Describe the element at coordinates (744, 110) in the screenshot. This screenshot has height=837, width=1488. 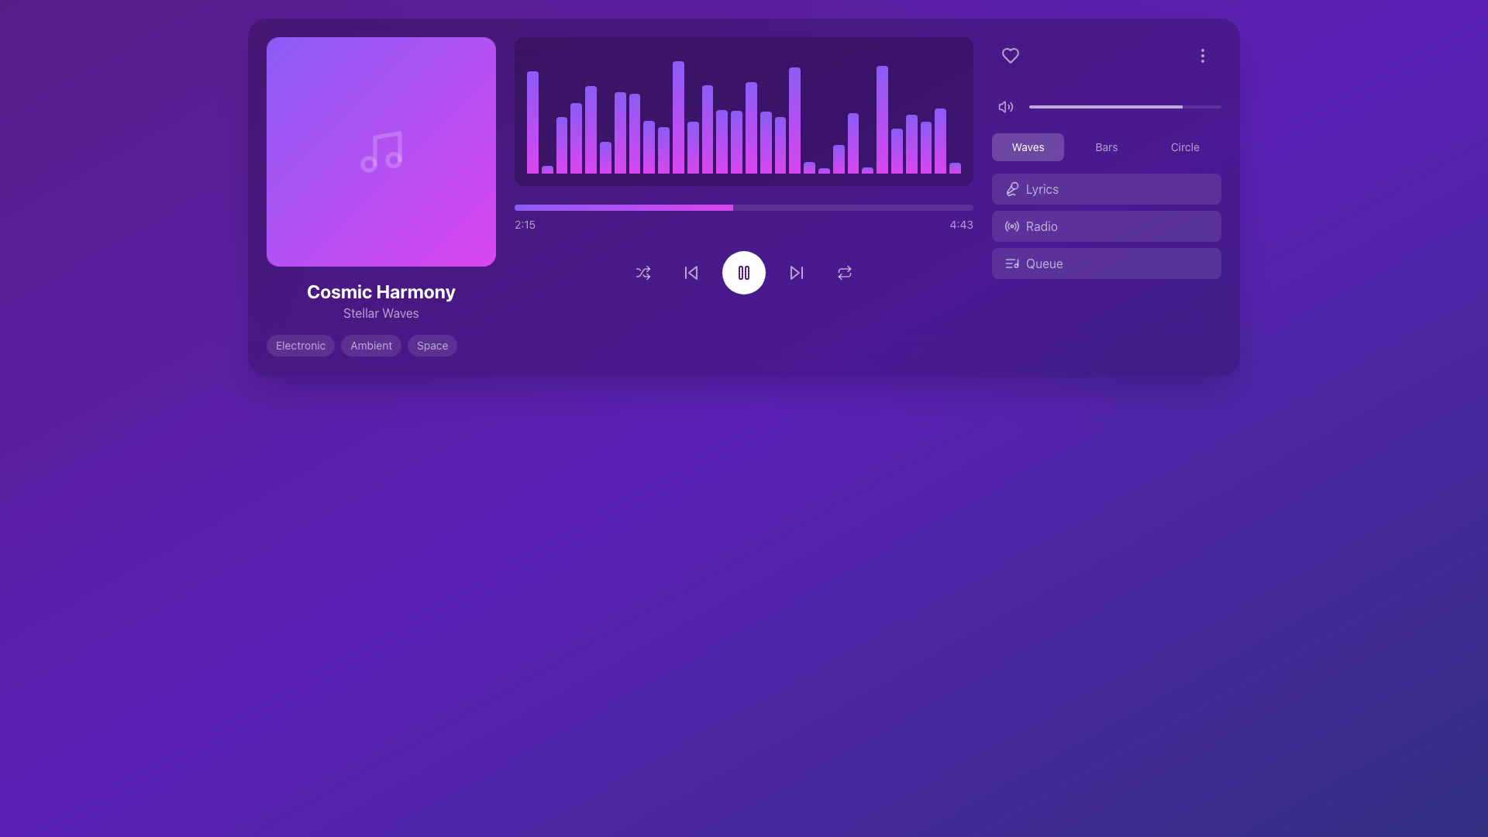
I see `the Waveform visualizer display to view the waveform data, which is represented by stacked vertical bars with a gradient from fuchsia to violet over a dark purple background` at that location.